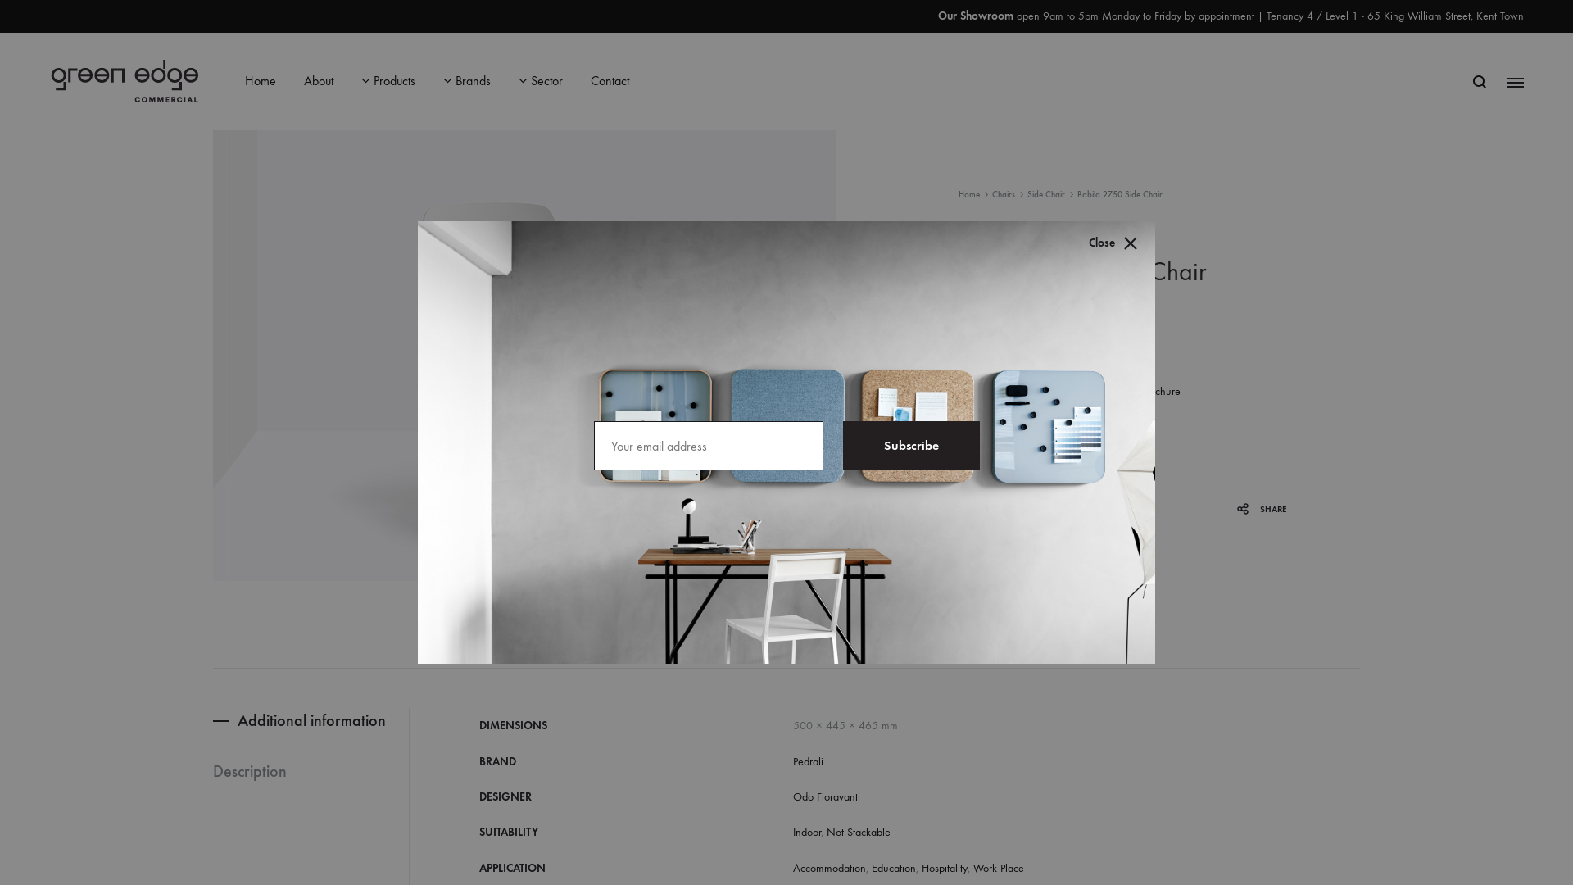 Image resolution: width=1573 pixels, height=885 pixels. What do you see at coordinates (360, 81) in the screenshot?
I see `'Products'` at bounding box center [360, 81].